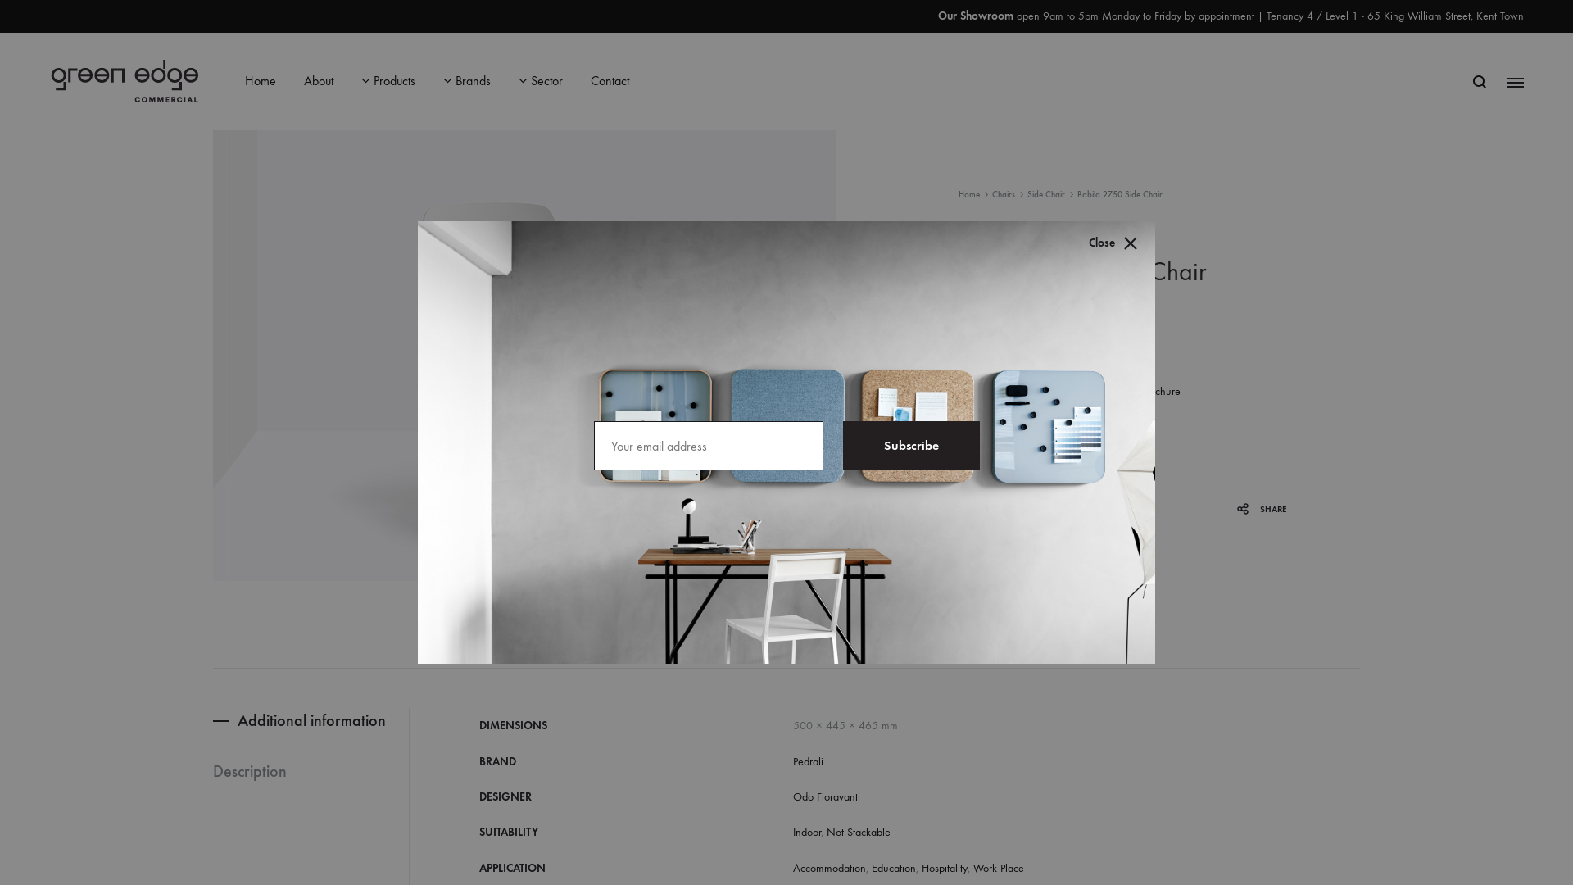 Image resolution: width=1573 pixels, height=885 pixels. What do you see at coordinates (360, 81) in the screenshot?
I see `'Products'` at bounding box center [360, 81].